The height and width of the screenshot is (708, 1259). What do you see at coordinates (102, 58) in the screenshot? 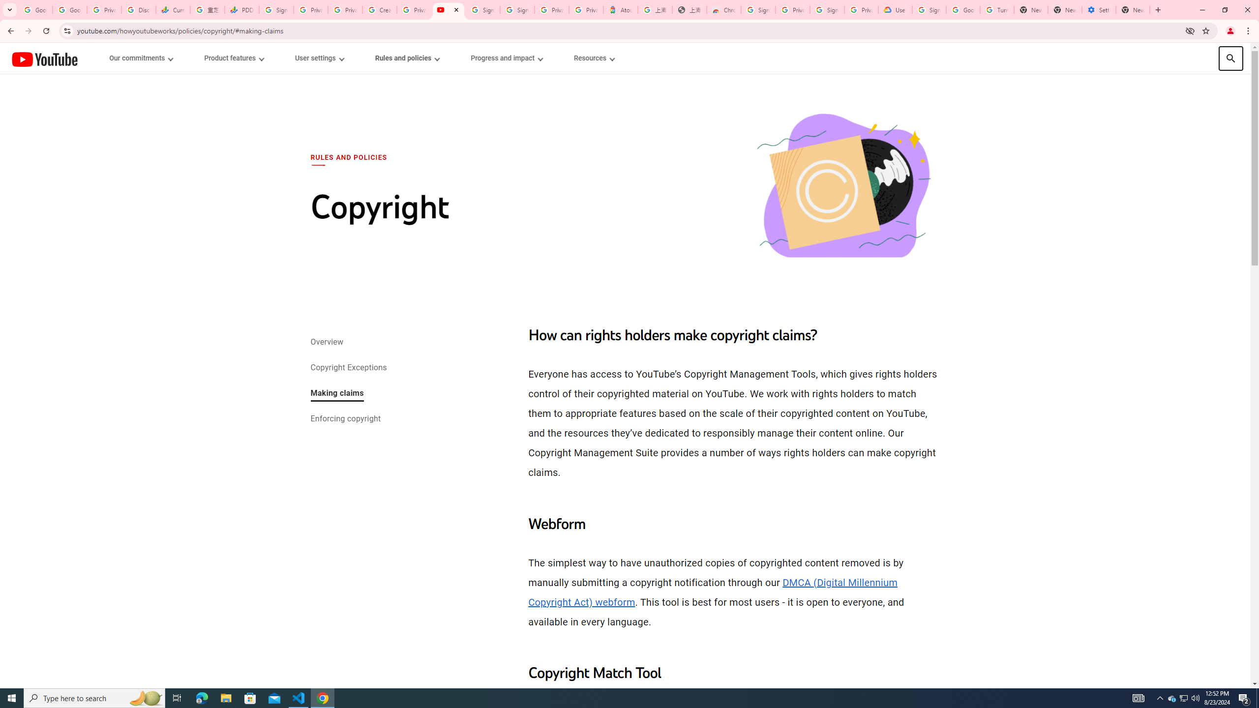
I see `'JUMP TO CONTENT'` at bounding box center [102, 58].